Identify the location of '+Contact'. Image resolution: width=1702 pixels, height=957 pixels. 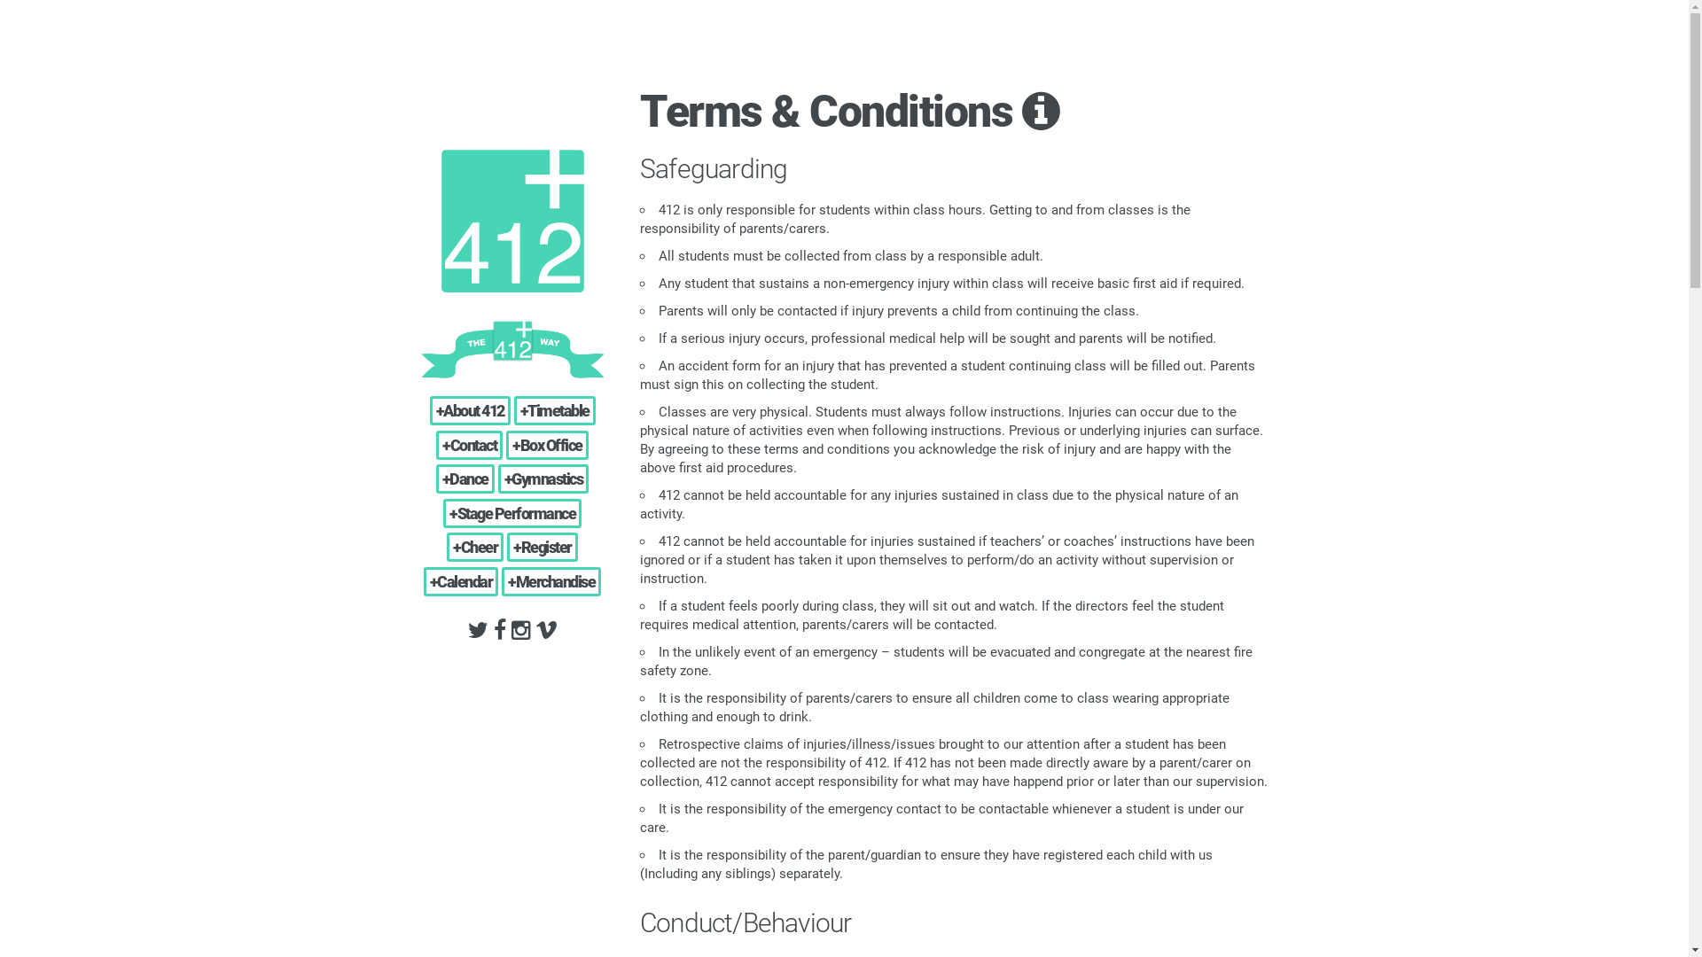
(469, 444).